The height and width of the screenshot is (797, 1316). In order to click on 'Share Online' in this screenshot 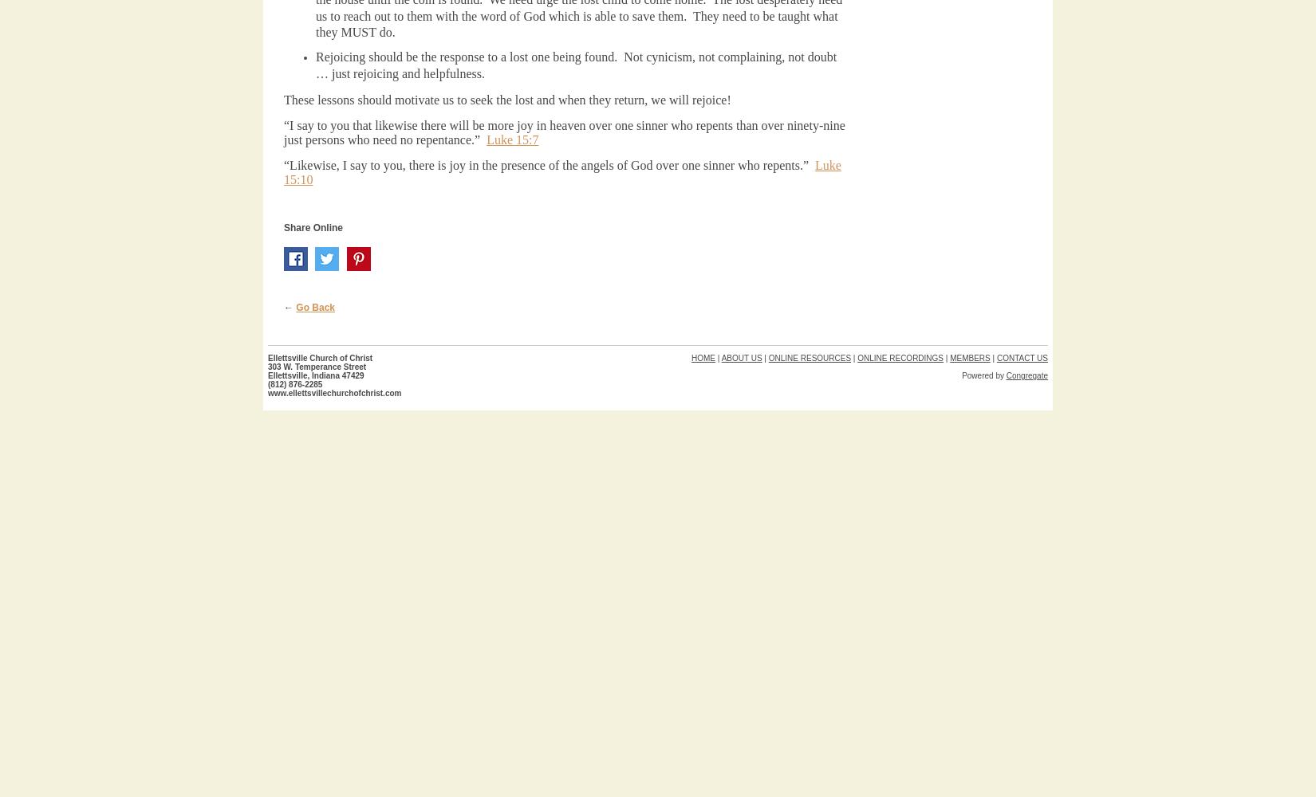, I will do `click(284, 228)`.